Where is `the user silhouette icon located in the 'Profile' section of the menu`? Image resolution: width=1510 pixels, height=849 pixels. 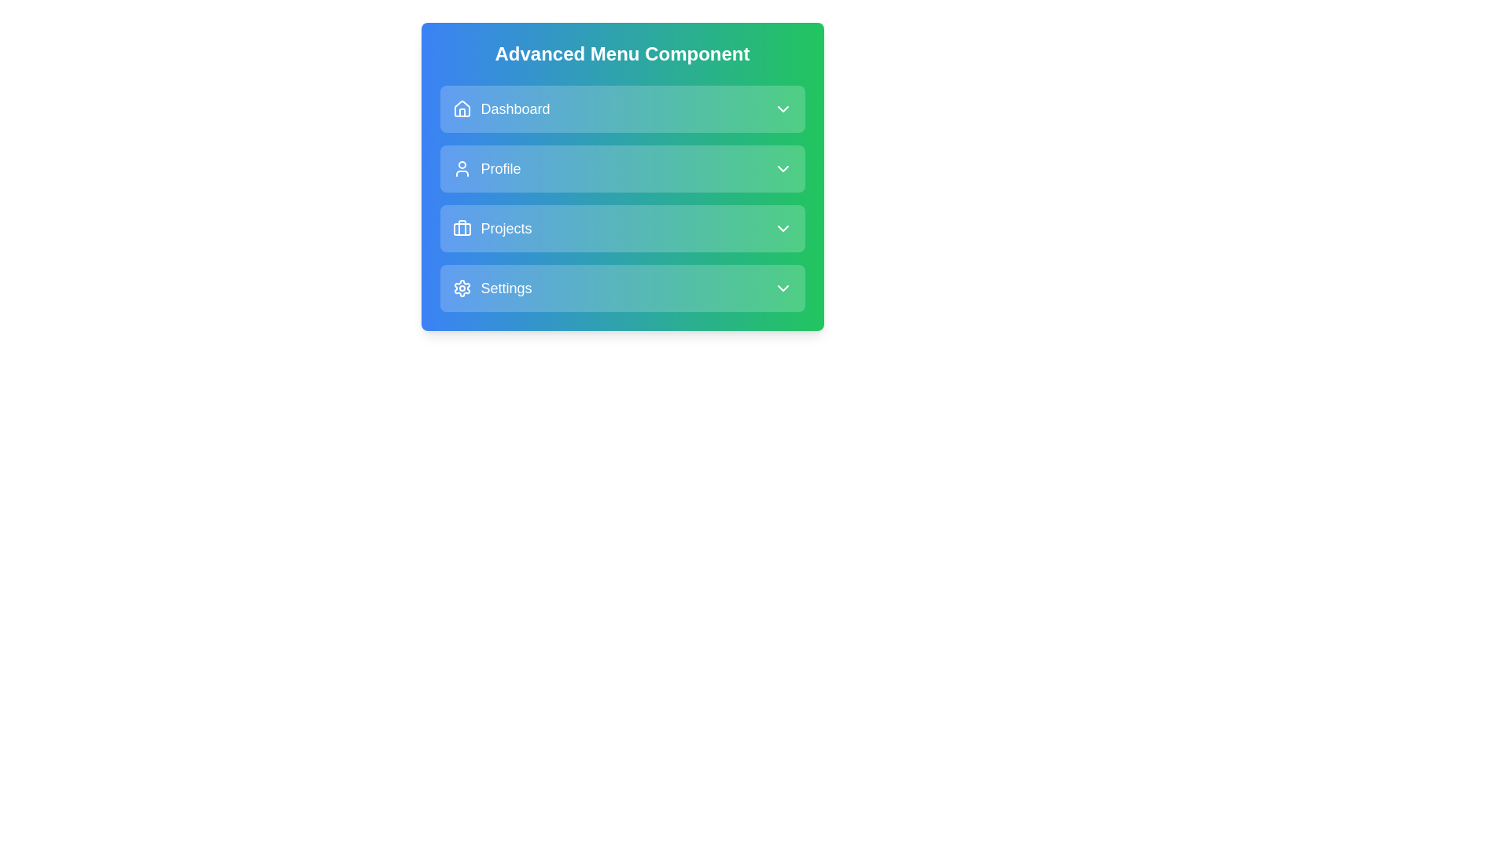
the user silhouette icon located in the 'Profile' section of the menu is located at coordinates (461, 169).